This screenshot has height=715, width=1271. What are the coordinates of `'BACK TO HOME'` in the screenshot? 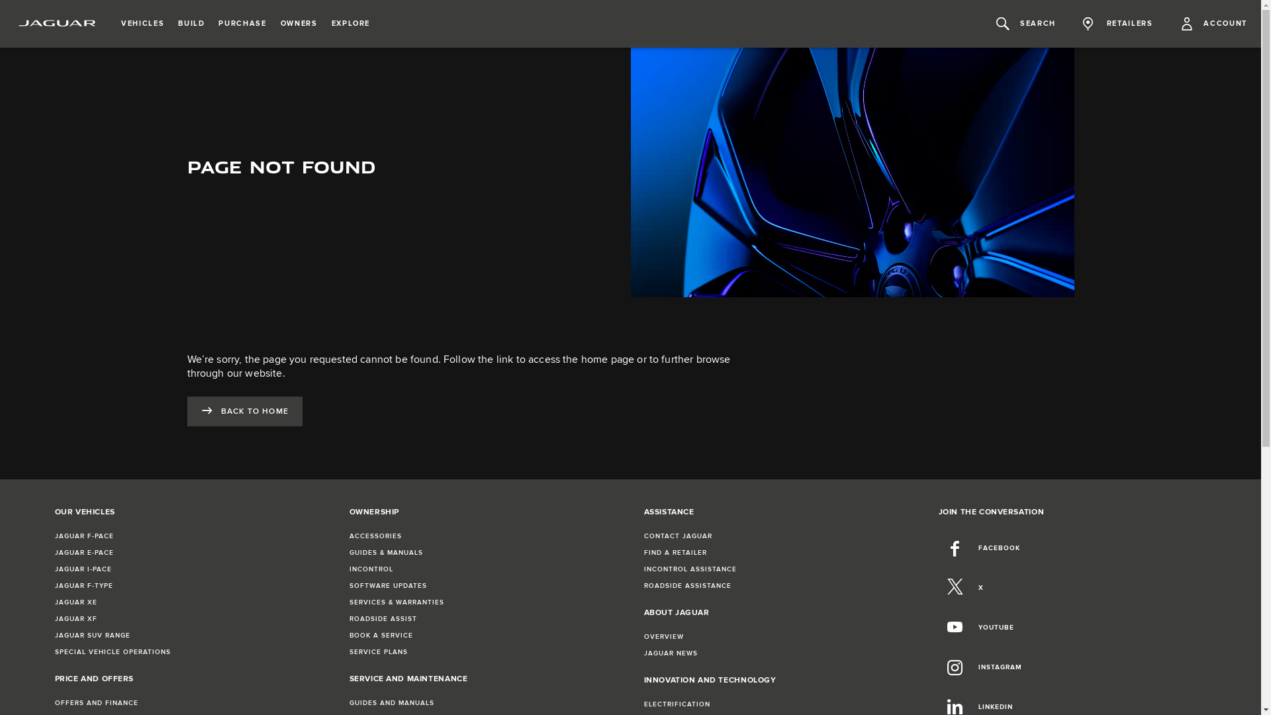 It's located at (244, 410).